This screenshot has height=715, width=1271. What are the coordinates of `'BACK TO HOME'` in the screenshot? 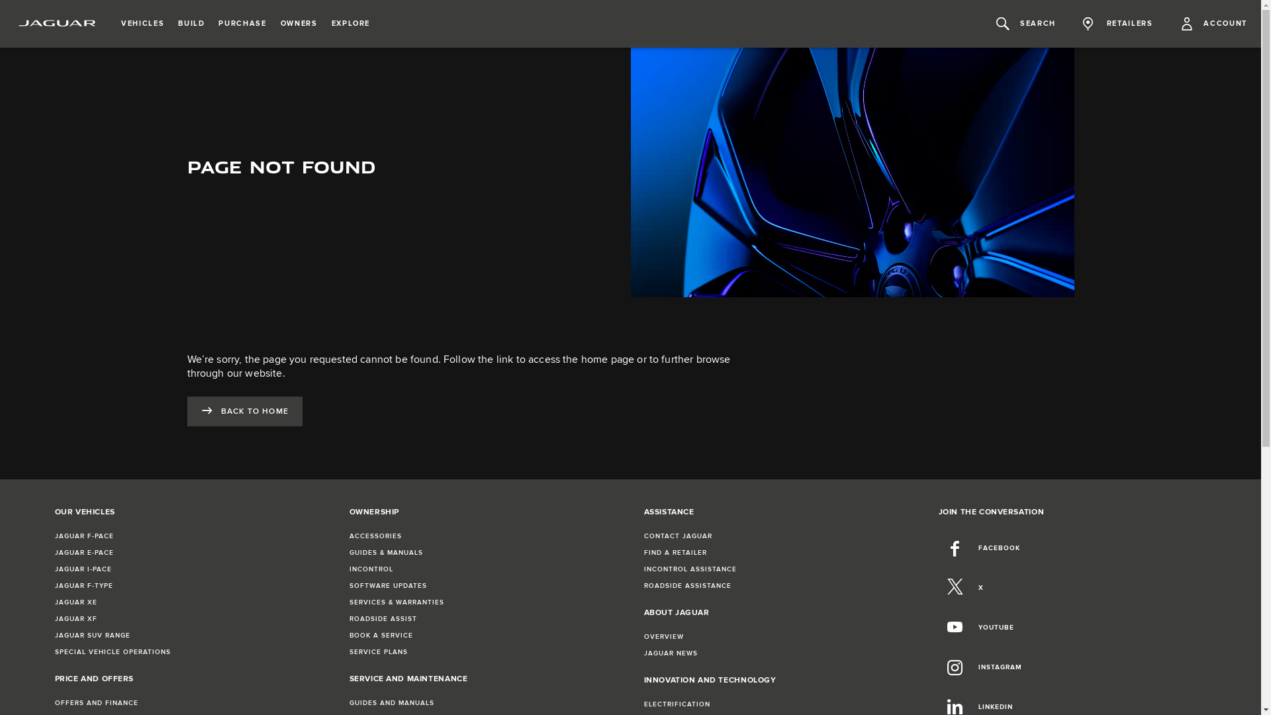 It's located at (244, 410).